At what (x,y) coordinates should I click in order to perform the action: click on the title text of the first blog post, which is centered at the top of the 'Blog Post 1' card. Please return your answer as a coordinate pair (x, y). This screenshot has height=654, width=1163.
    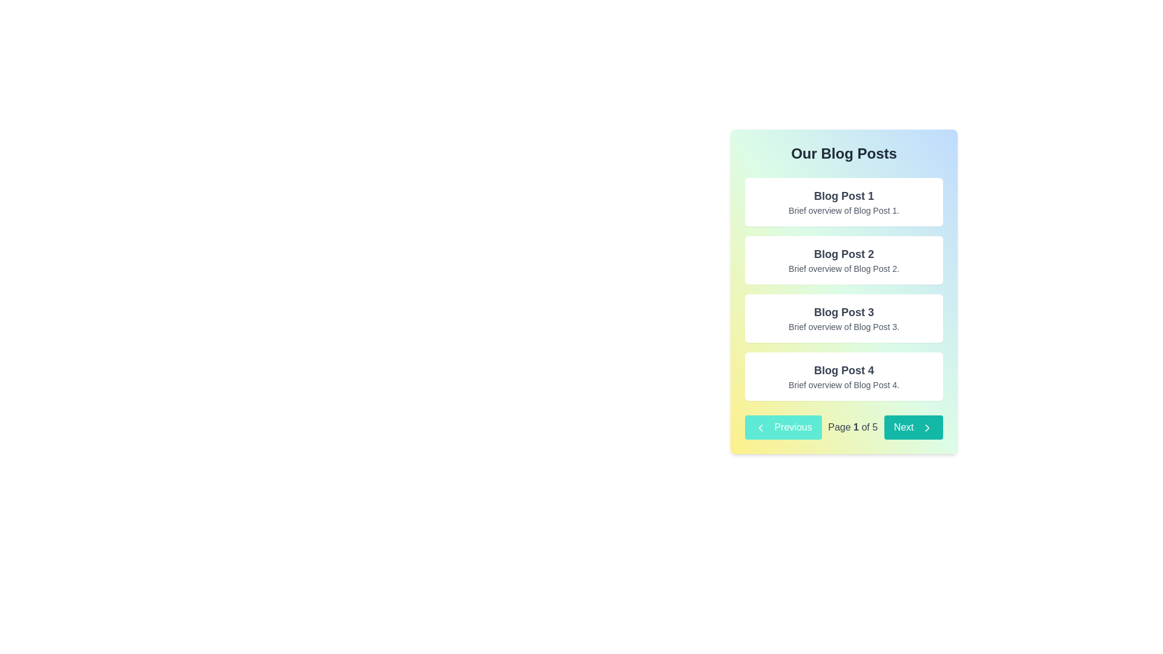
    Looking at the image, I should click on (843, 196).